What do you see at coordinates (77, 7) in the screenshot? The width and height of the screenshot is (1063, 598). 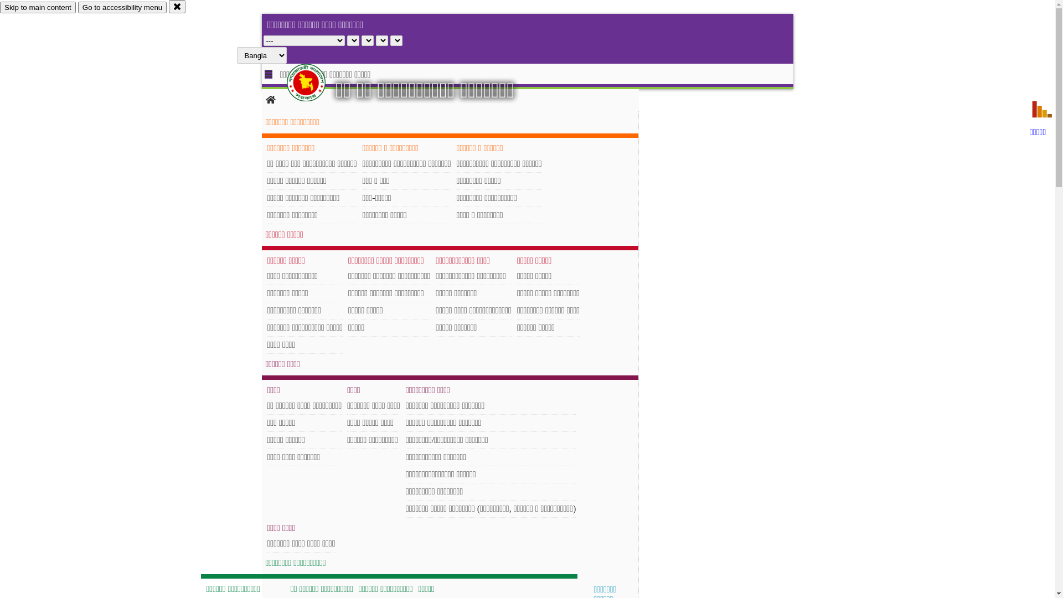 I see `'Go to accessibility menu'` at bounding box center [77, 7].